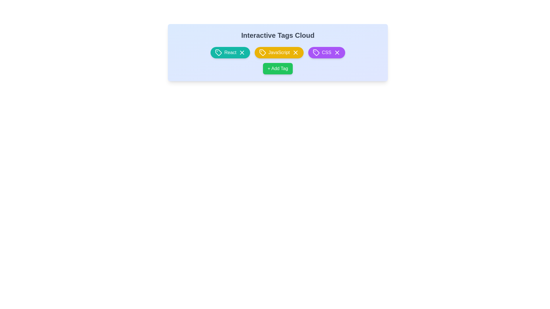 The height and width of the screenshot is (309, 550). What do you see at coordinates (337, 53) in the screenshot?
I see `the 'X' button of the tag labeled CSS to remove it from the cloud` at bounding box center [337, 53].